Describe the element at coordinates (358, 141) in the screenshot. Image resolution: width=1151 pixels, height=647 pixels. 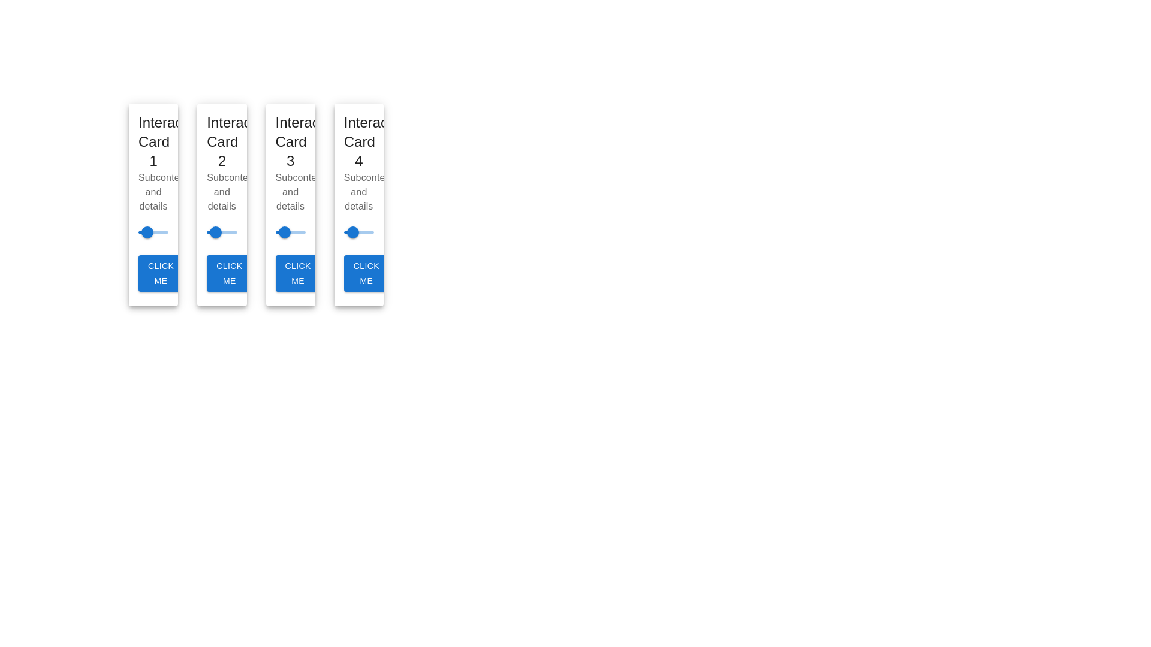
I see `the header displaying 'Interactive Card 4' located at the top of its card in the fourth column of the grid` at that location.